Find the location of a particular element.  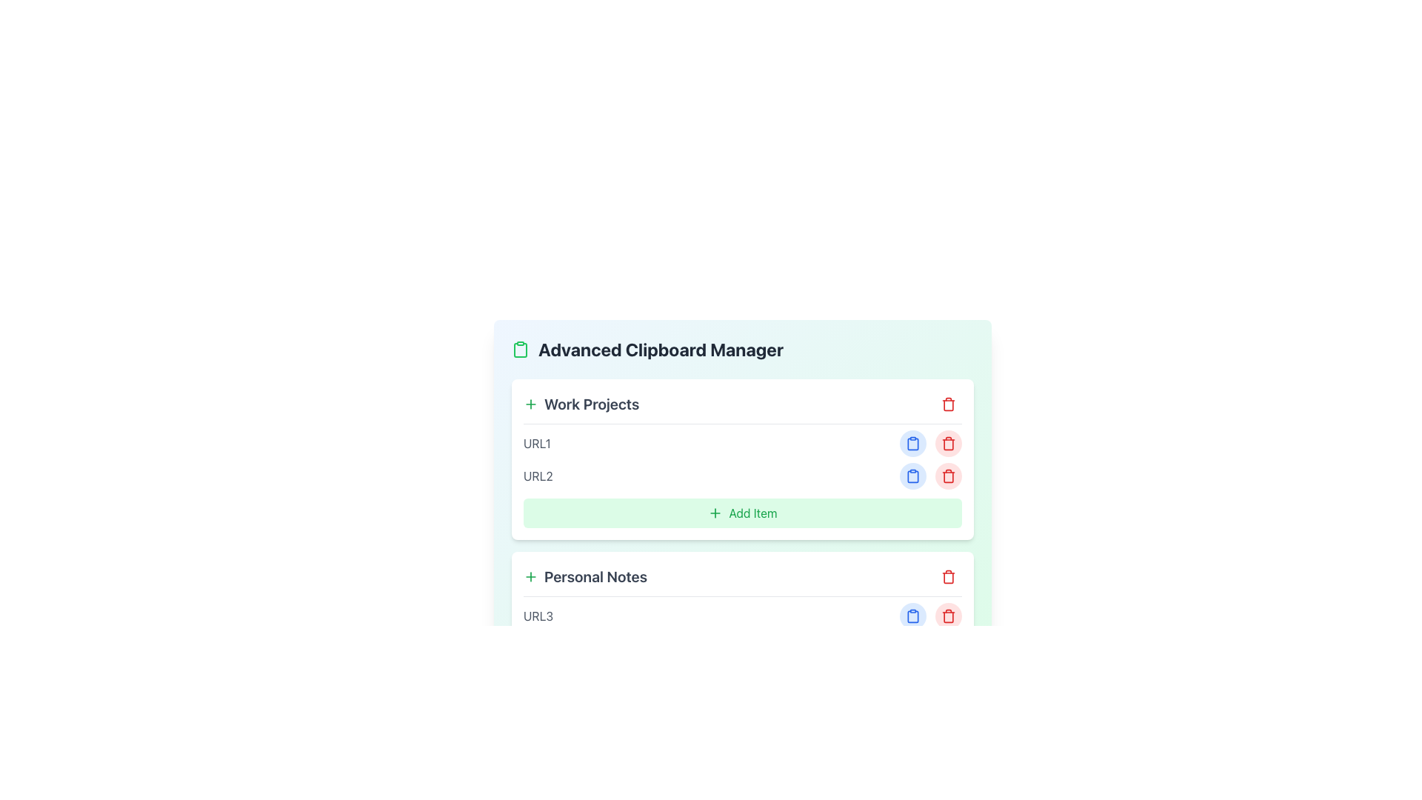

the 'Personal Notes' text label, which is styled prominently in gray and includes a green plus icon to its left, located below 'Work Projects' in the lower section of the card interface is located at coordinates (584, 576).